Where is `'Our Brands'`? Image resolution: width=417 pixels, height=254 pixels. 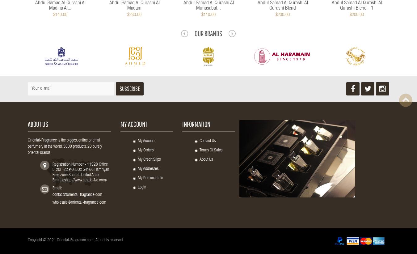 'Our Brands' is located at coordinates (208, 33).